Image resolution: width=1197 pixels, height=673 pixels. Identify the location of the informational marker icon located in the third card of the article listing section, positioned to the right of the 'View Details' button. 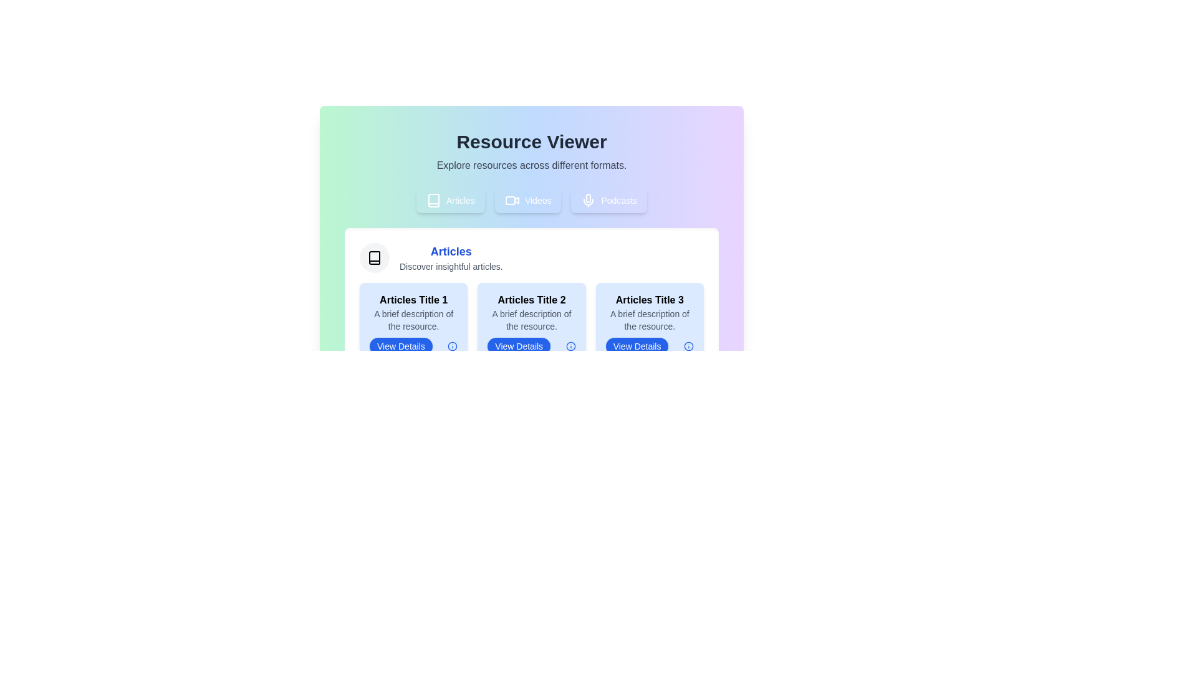
(688, 346).